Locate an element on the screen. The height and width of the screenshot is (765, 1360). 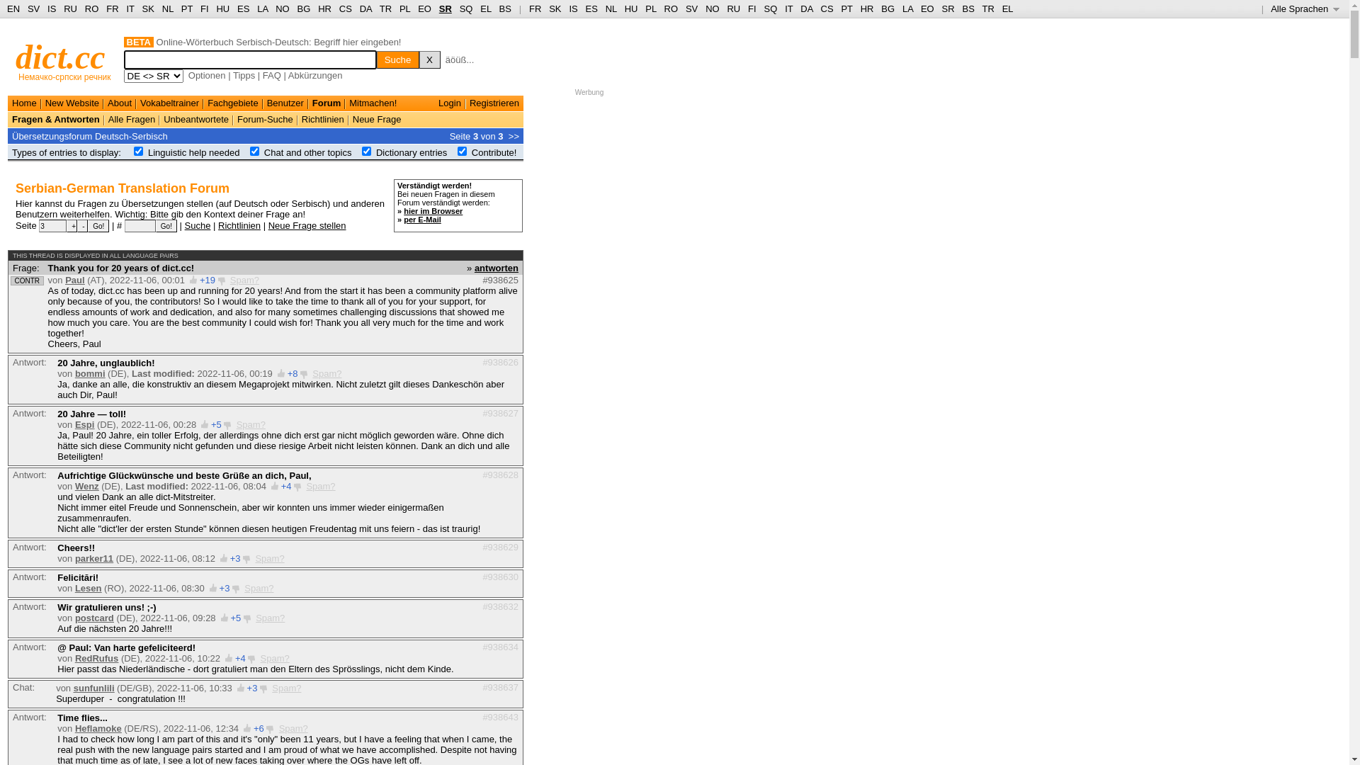
'Alle Sprachen ' is located at coordinates (1304, 8).